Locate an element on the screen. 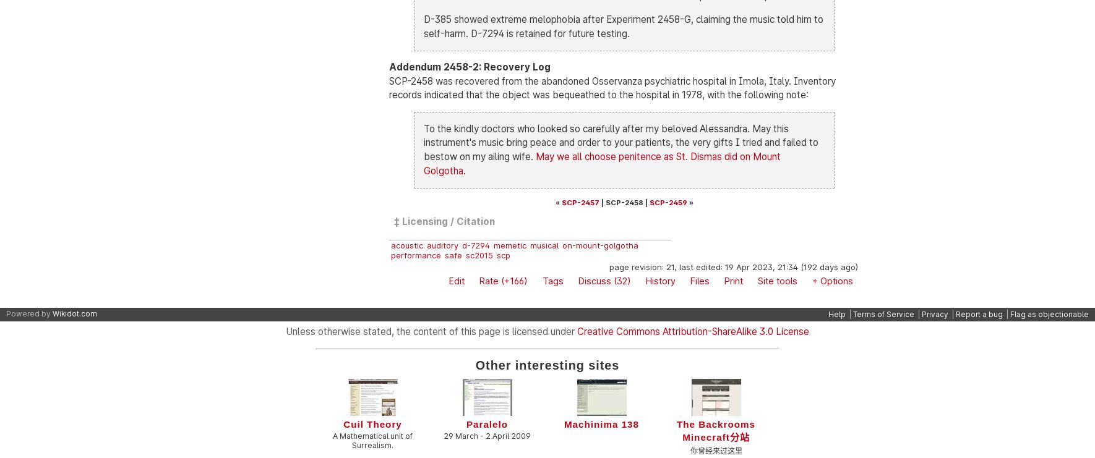 This screenshot has width=1095, height=458. 'Wikidot.com' is located at coordinates (74, 313).